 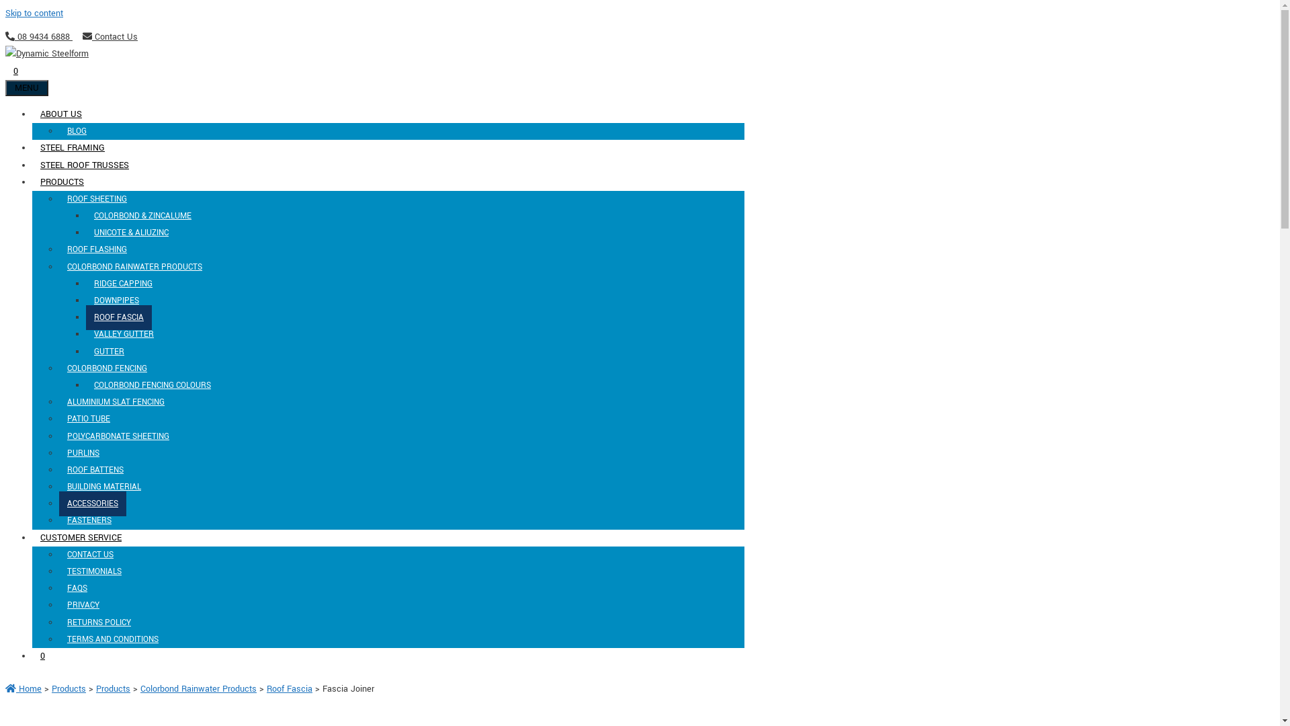 I want to click on 'TESTIMONIALS', so click(x=93, y=571).